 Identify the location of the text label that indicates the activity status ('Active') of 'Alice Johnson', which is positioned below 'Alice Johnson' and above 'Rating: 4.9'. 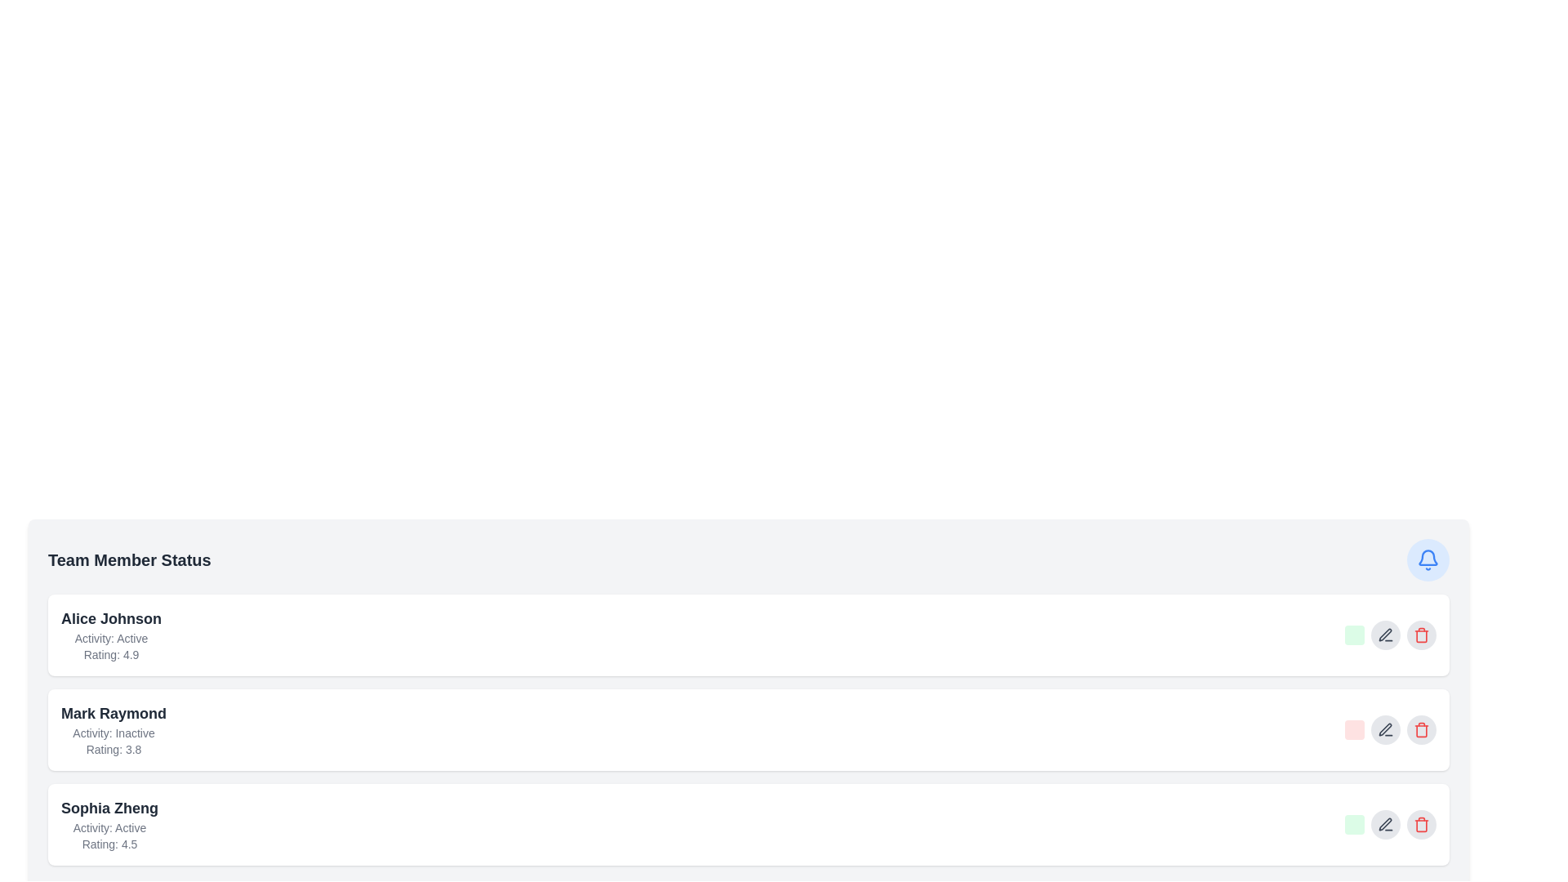
(110, 638).